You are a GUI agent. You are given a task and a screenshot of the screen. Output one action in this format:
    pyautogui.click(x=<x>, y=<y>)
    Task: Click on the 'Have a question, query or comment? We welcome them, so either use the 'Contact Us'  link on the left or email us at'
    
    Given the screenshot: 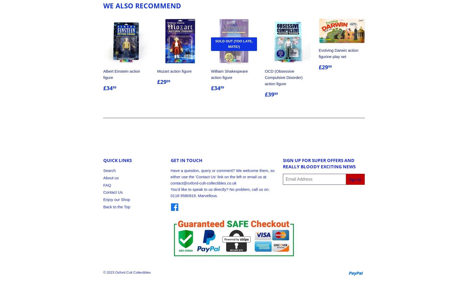 What is the action you would take?
    pyautogui.click(x=222, y=174)
    